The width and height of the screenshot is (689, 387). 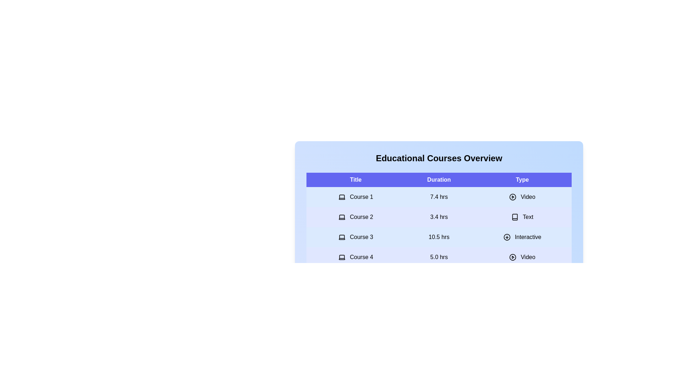 I want to click on the type icon for the course with title 'Course 3', so click(x=506, y=237).